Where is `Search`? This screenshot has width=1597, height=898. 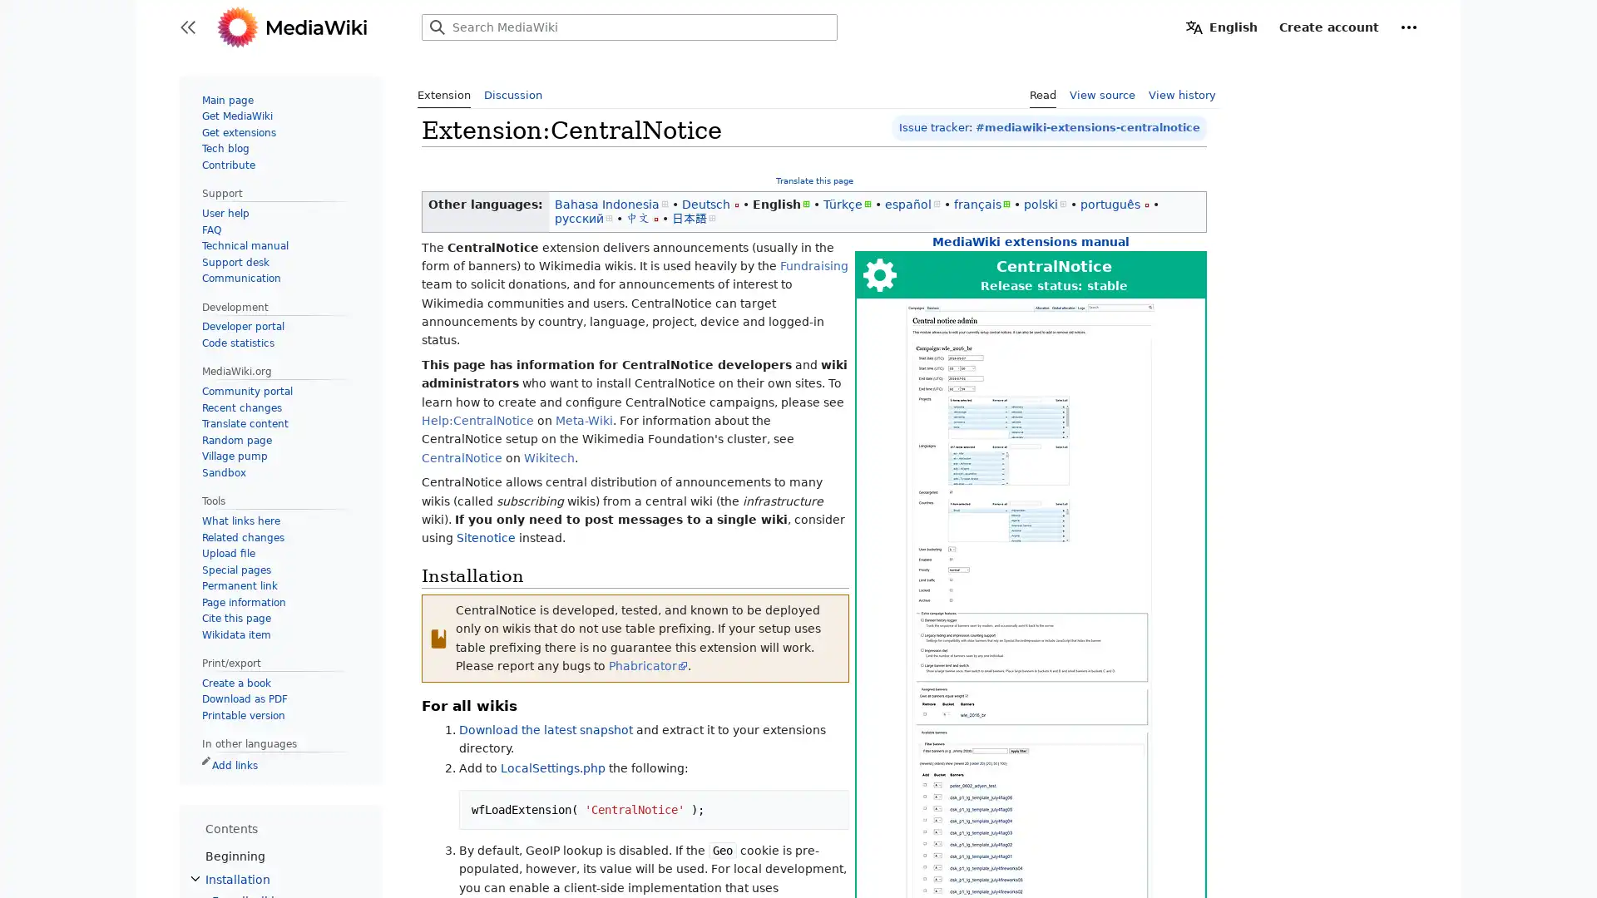 Search is located at coordinates (438, 27).